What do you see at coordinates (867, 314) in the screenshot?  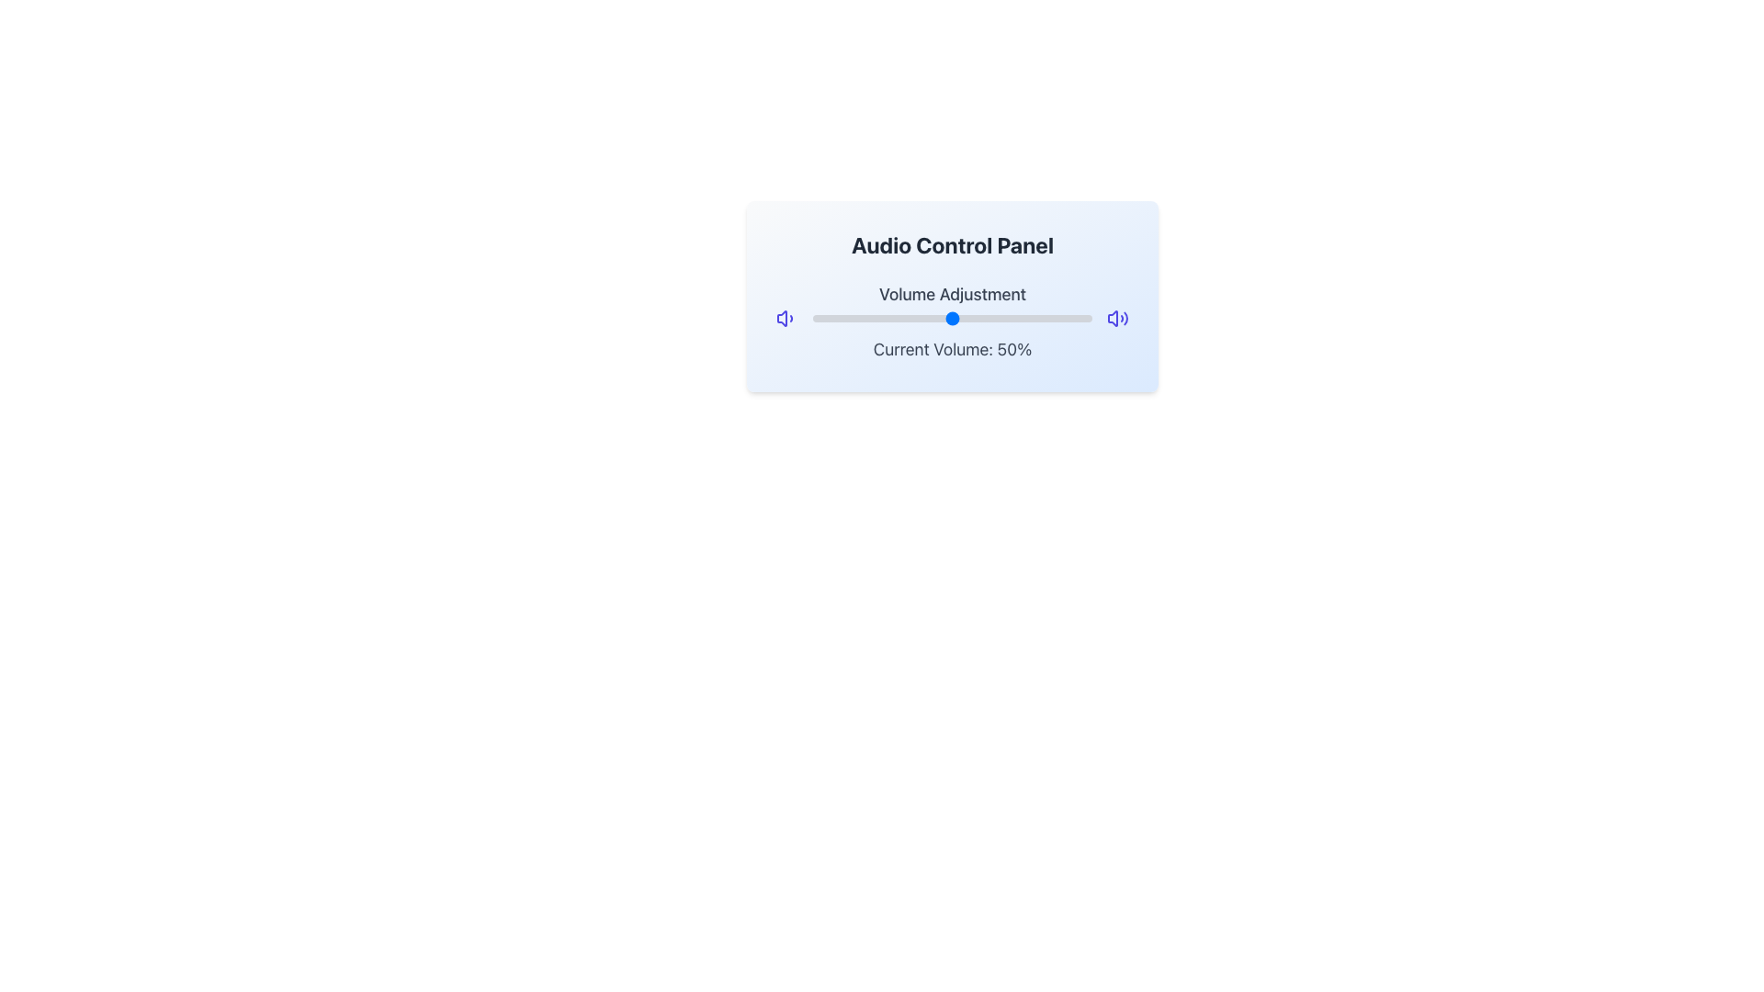 I see `the volume` at bounding box center [867, 314].